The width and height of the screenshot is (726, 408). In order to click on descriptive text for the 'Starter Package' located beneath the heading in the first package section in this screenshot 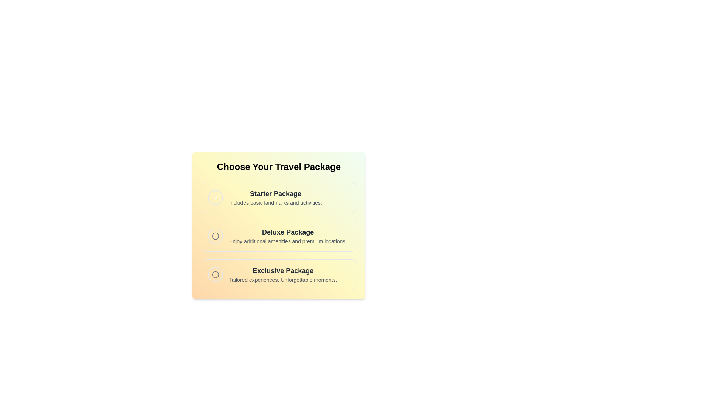, I will do `click(275, 202)`.